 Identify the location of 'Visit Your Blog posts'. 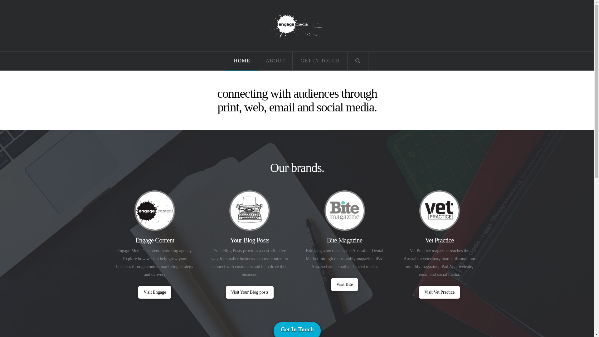
(226, 292).